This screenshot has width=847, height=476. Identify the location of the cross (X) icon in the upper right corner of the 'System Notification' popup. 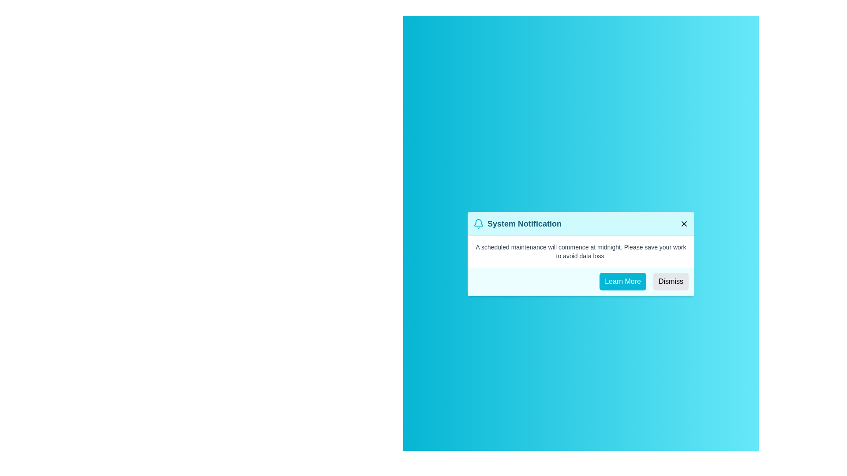
(683, 223).